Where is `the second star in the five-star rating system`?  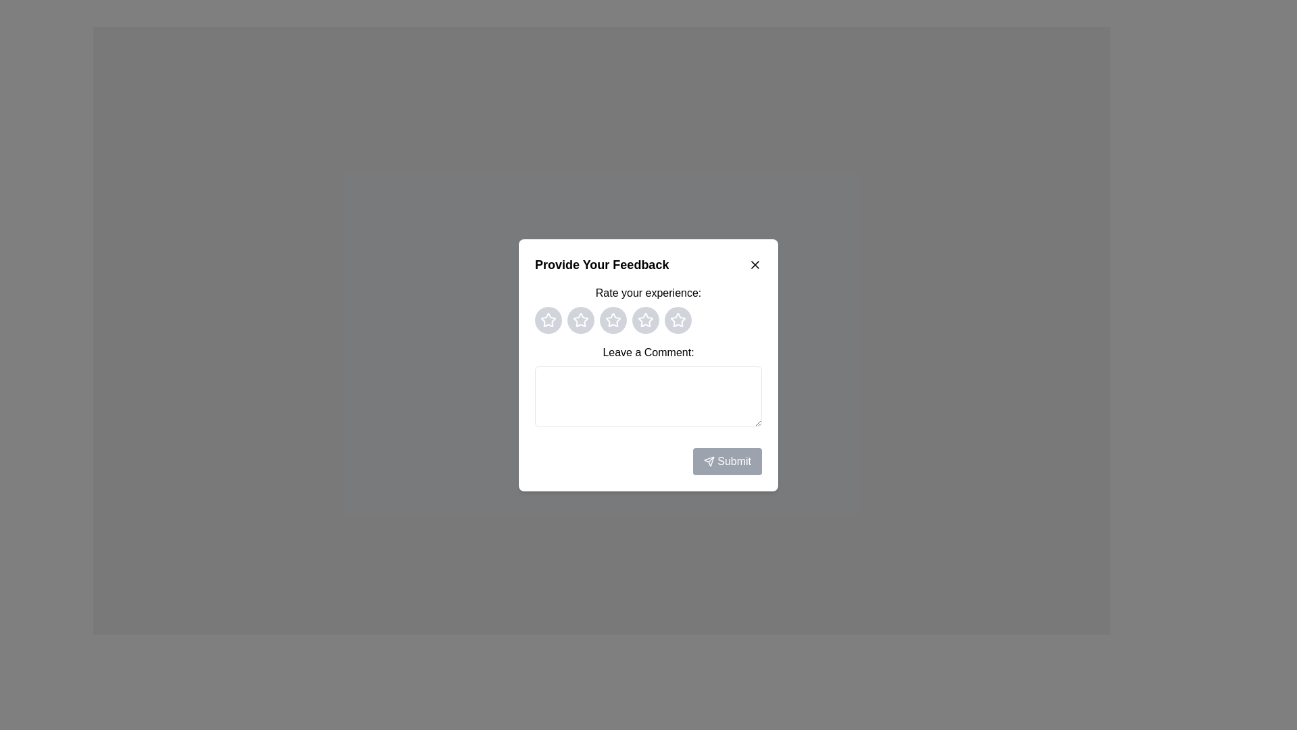 the second star in the five-star rating system is located at coordinates (580, 320).